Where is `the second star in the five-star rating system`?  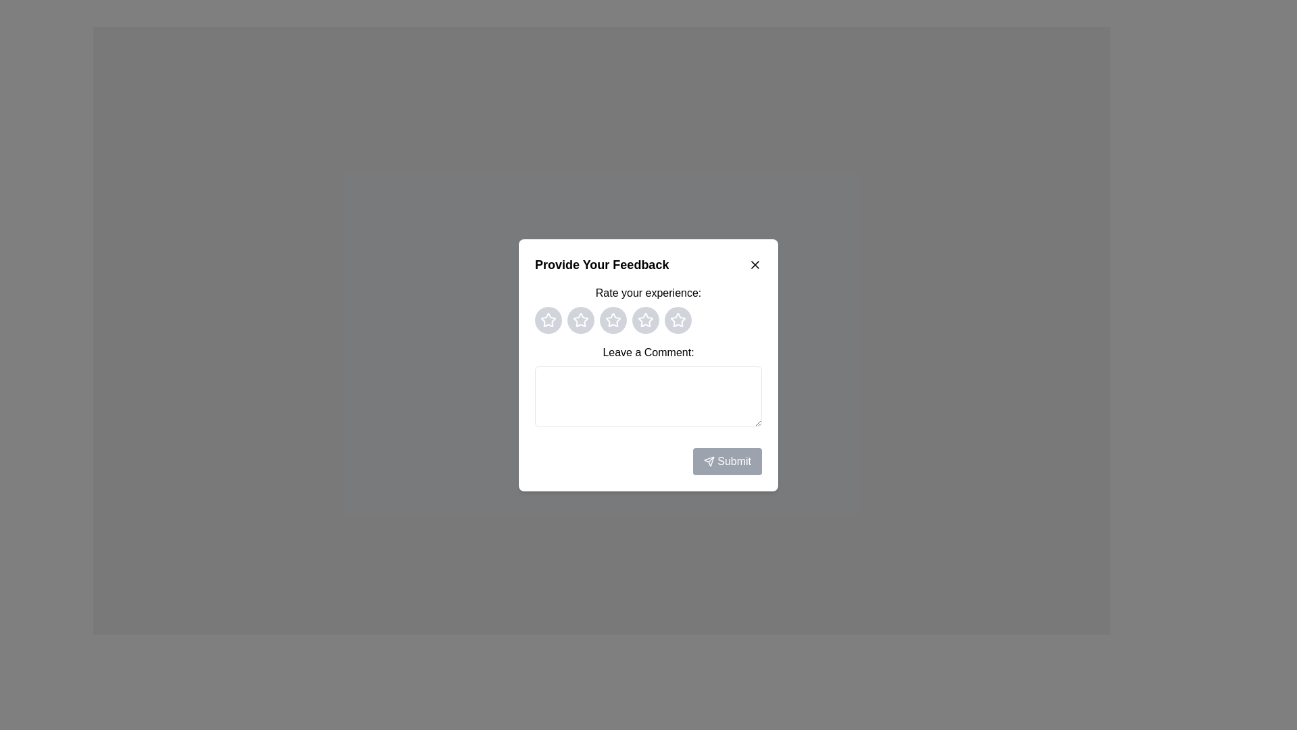 the second star in the five-star rating system is located at coordinates (580, 320).